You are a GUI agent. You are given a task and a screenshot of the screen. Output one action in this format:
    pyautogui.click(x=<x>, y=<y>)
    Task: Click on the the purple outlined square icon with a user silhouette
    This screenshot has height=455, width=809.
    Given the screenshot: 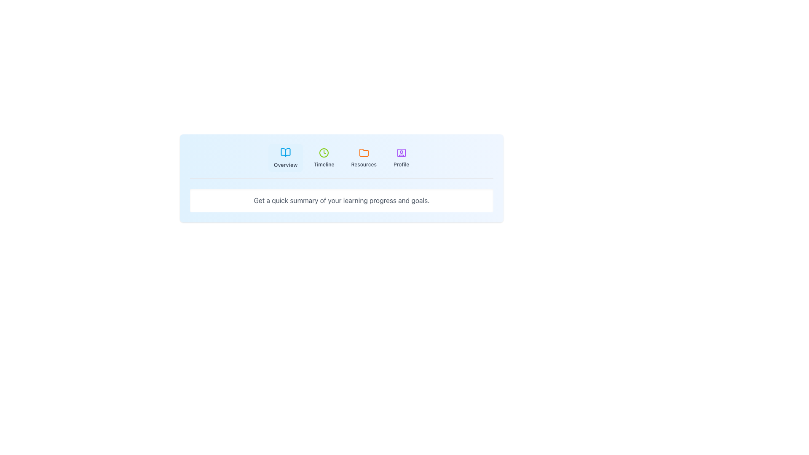 What is the action you would take?
    pyautogui.click(x=401, y=153)
    